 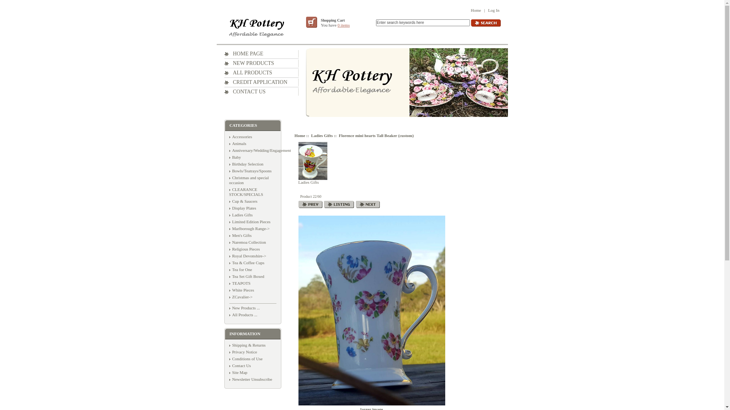 What do you see at coordinates (228, 215) in the screenshot?
I see `'Ladies Gifts'` at bounding box center [228, 215].